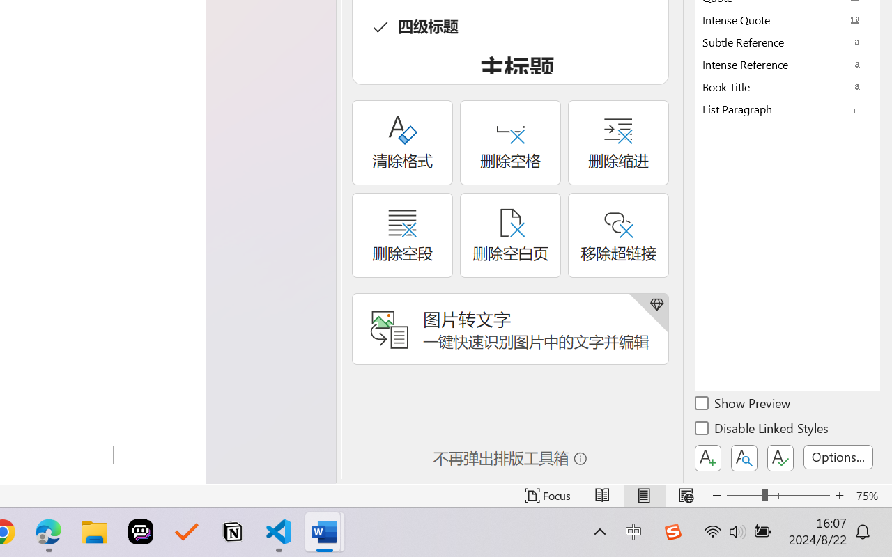  What do you see at coordinates (744, 495) in the screenshot?
I see `'Zoom Out'` at bounding box center [744, 495].